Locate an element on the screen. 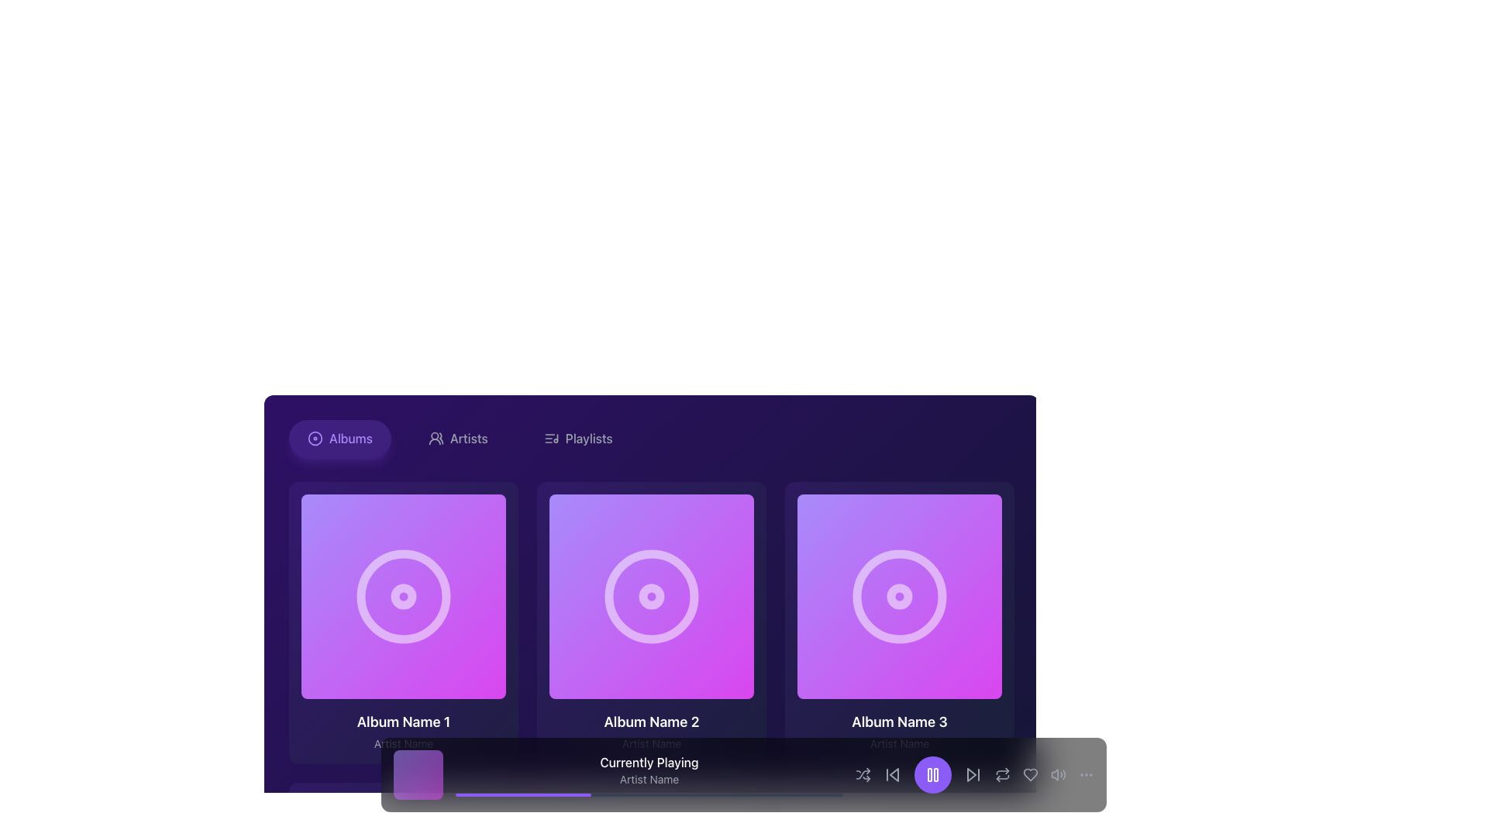  the play button icon located at the center of the first album card's artwork area is located at coordinates (405, 596).